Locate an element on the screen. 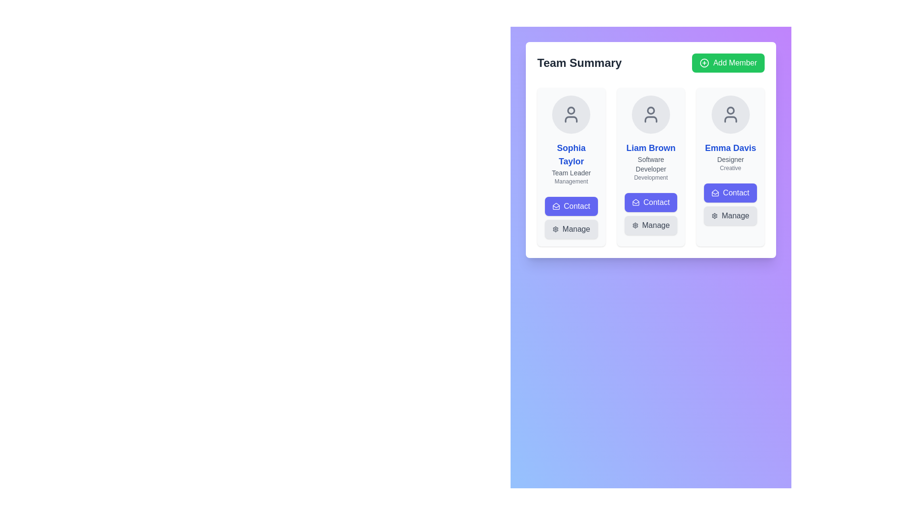 This screenshot has height=516, width=917. the small gray text label reading 'Designer', which is positioned directly below the name 'Emma Davis' in the third card from the left in the team summary section is located at coordinates (730, 159).